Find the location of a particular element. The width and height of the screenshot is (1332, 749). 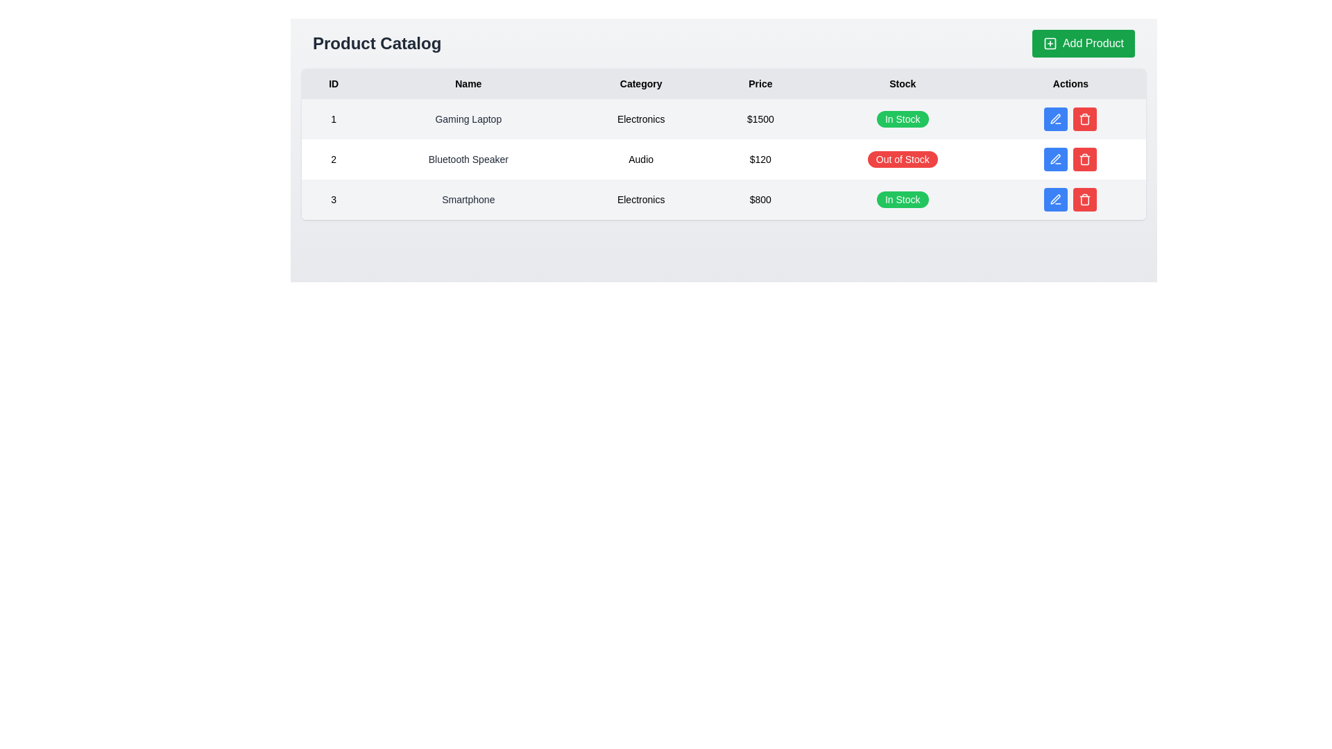

the 'Price' text label, which serves as a header for the price column in the table, located between 'Category' and 'Stock' is located at coordinates (760, 83).